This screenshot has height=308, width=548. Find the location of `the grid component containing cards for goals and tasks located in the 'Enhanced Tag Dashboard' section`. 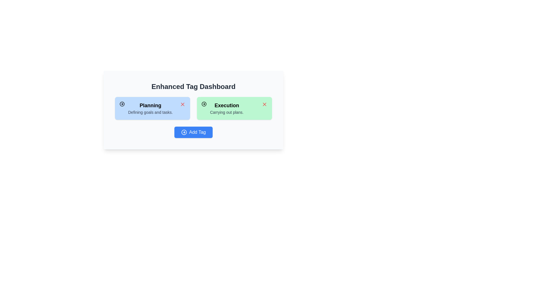

the grid component containing cards for goals and tasks located in the 'Enhanced Tag Dashboard' section is located at coordinates (193, 108).